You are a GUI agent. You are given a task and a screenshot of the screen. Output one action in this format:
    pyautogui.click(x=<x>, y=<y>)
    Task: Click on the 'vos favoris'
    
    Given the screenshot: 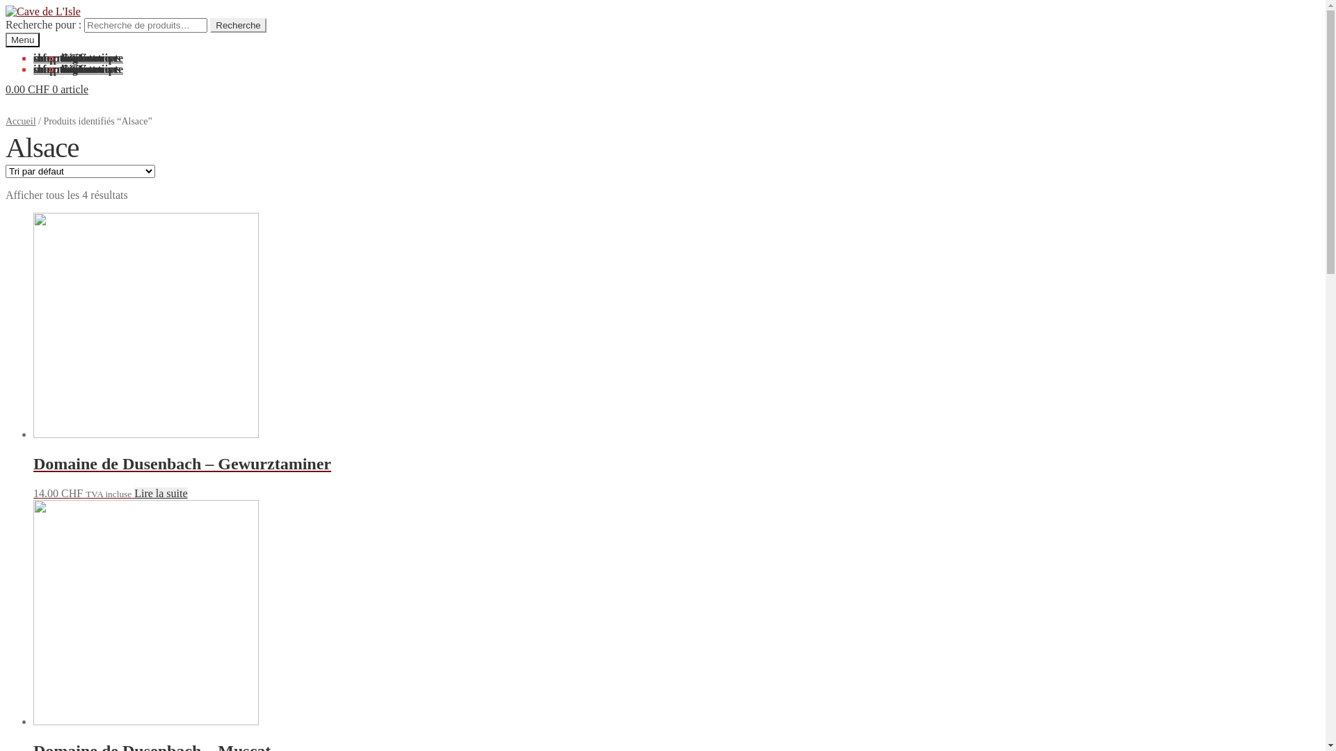 What is the action you would take?
    pyautogui.click(x=60, y=69)
    